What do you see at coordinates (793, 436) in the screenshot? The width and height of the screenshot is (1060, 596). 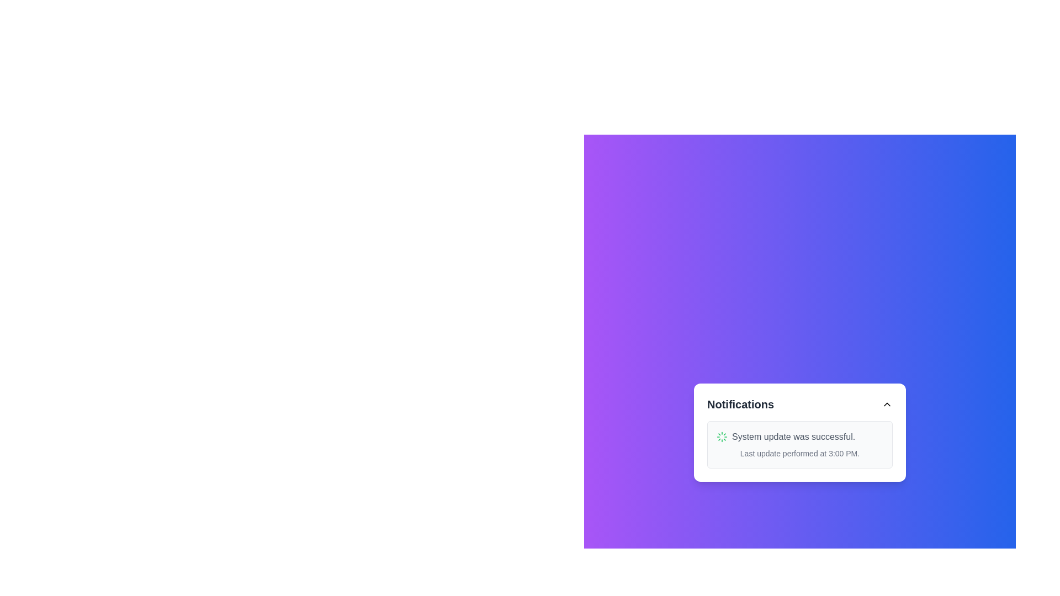 I see `confirmation message displayed in the Text Label within the Notifications section, which informs the user of the successful completion of a system update` at bounding box center [793, 436].